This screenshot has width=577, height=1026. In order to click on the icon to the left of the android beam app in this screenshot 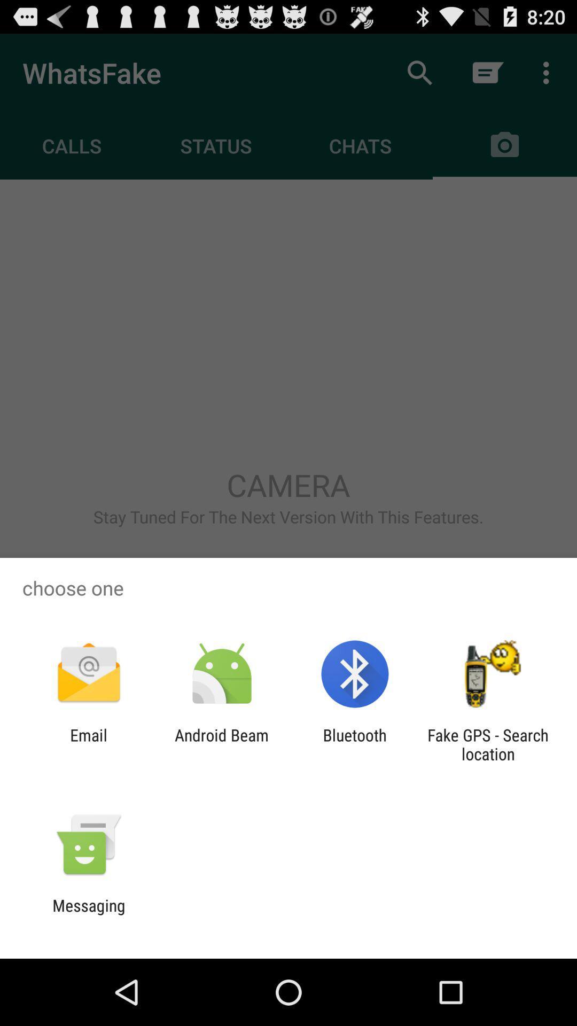, I will do `click(88, 744)`.